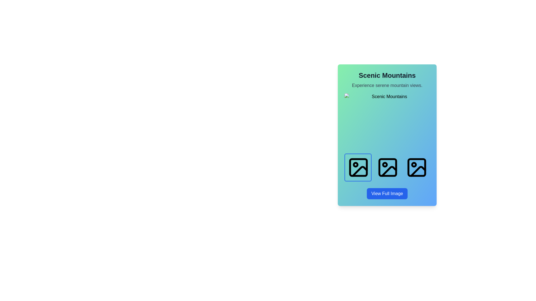 Image resolution: width=536 pixels, height=301 pixels. I want to click on the small circular Icon marker located in the upper-left corner of the landscape icon within the 'Scenic Mountains' card, so click(355, 164).